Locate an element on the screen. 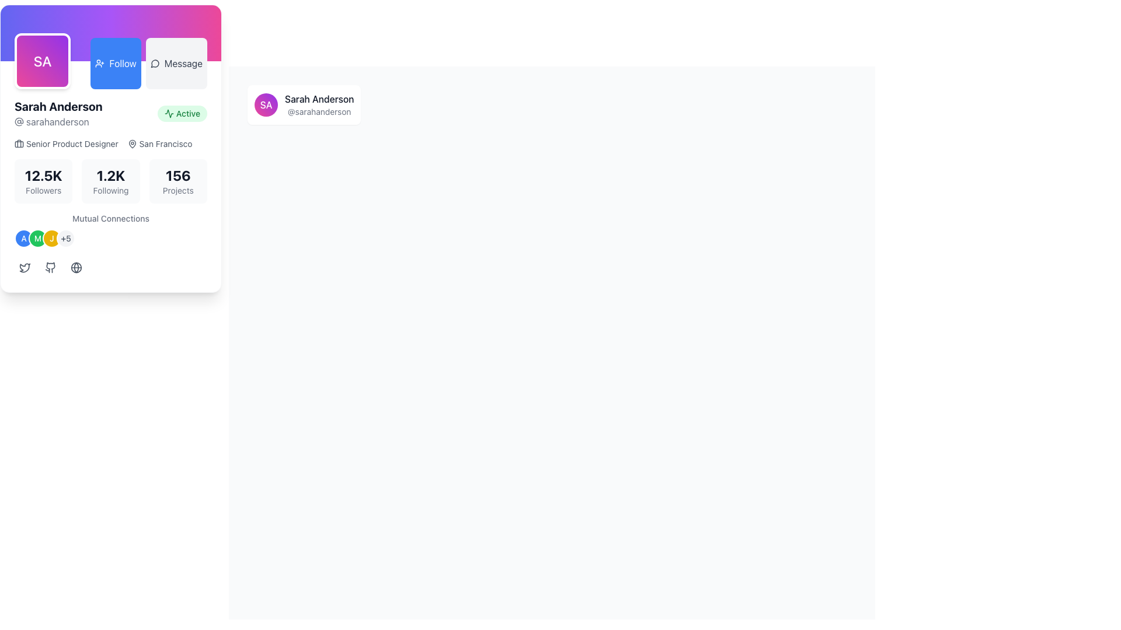 The width and height of the screenshot is (1121, 630). the static text label that displays 'Following' in a small, light gray font, located beneath the numeric display '1.2K' in the statistics display is located at coordinates (111, 190).